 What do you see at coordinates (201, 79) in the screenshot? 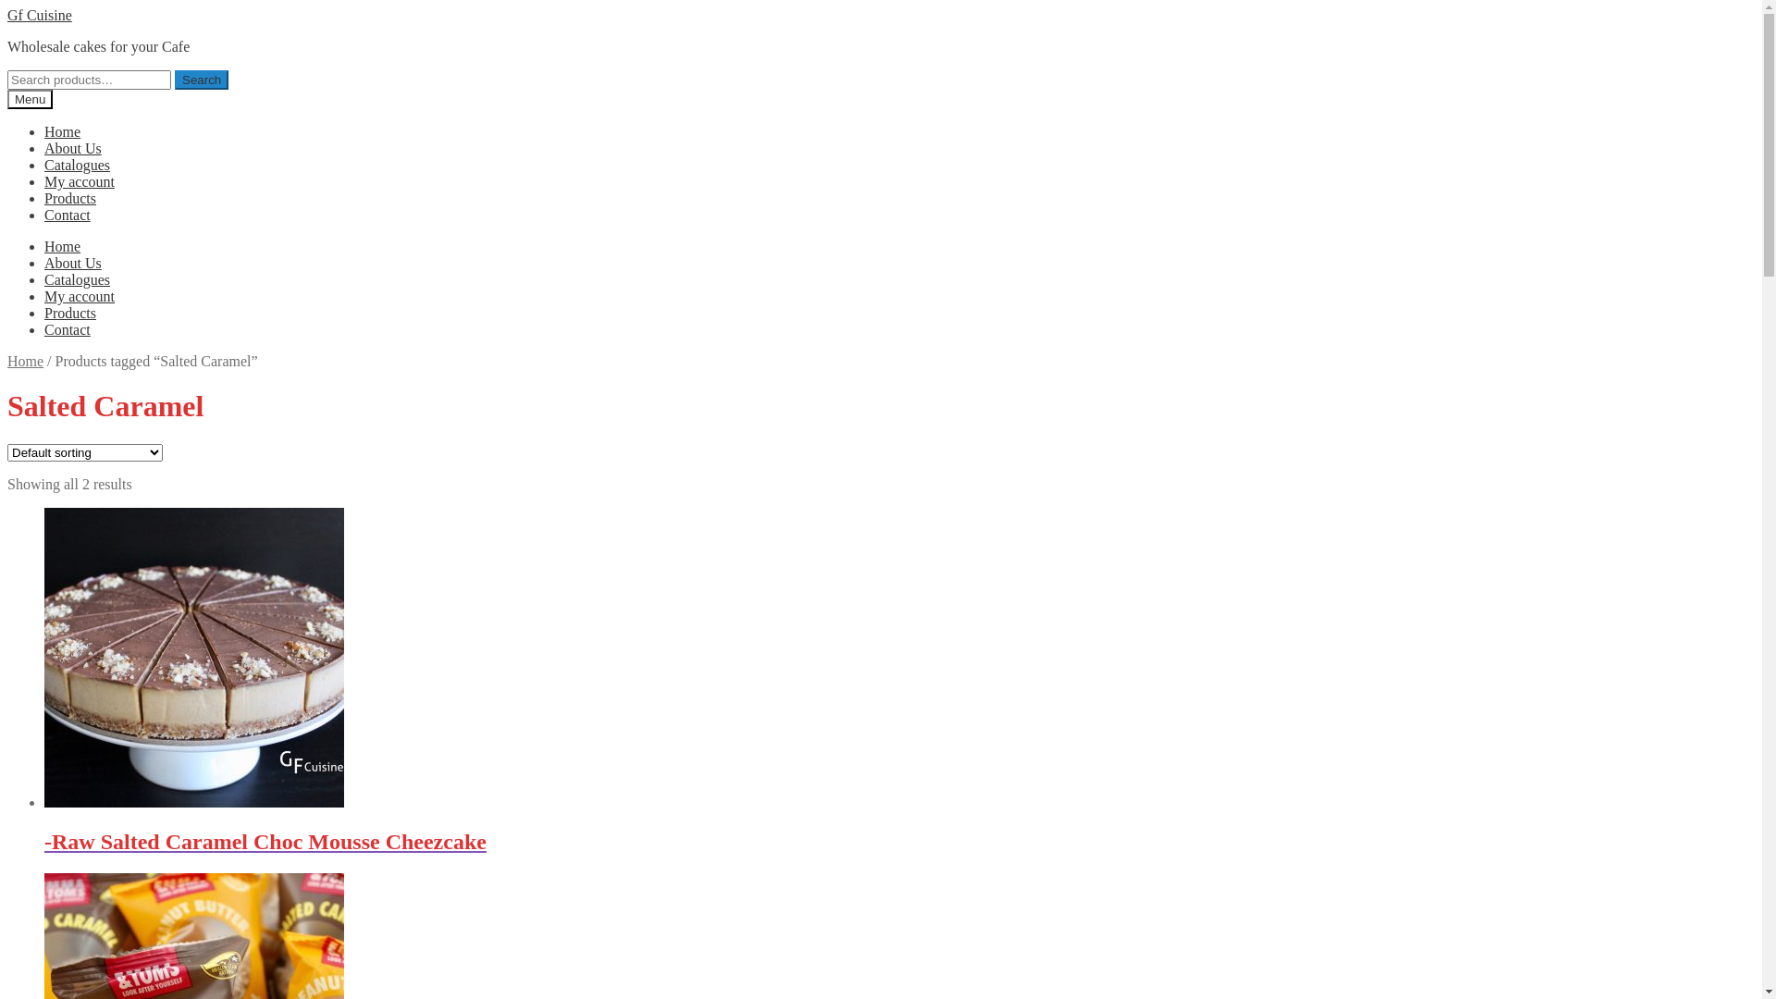
I see `'Search'` at bounding box center [201, 79].